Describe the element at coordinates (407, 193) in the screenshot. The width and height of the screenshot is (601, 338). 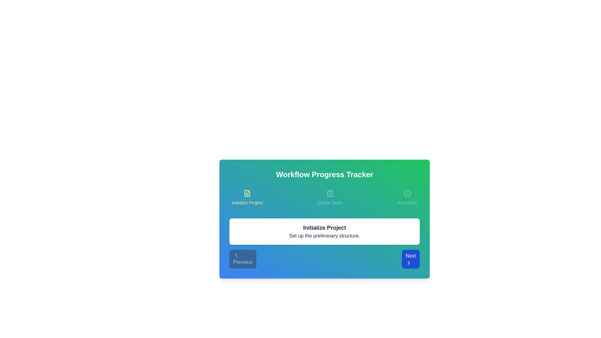
I see `the icon for Execution` at that location.